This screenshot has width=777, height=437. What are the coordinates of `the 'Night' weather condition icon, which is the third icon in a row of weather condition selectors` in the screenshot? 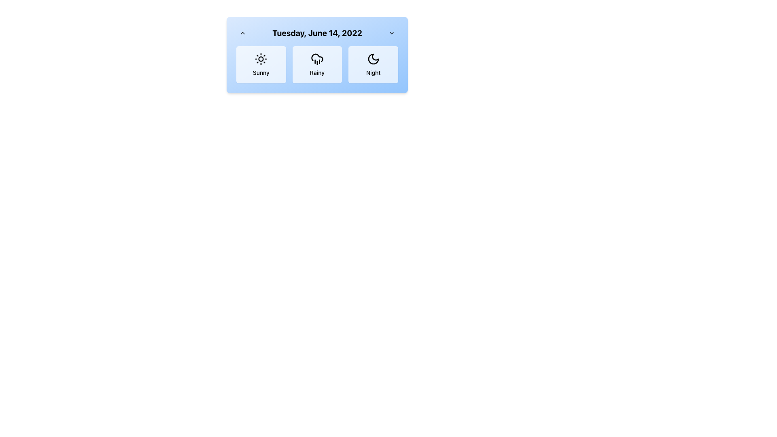 It's located at (373, 59).